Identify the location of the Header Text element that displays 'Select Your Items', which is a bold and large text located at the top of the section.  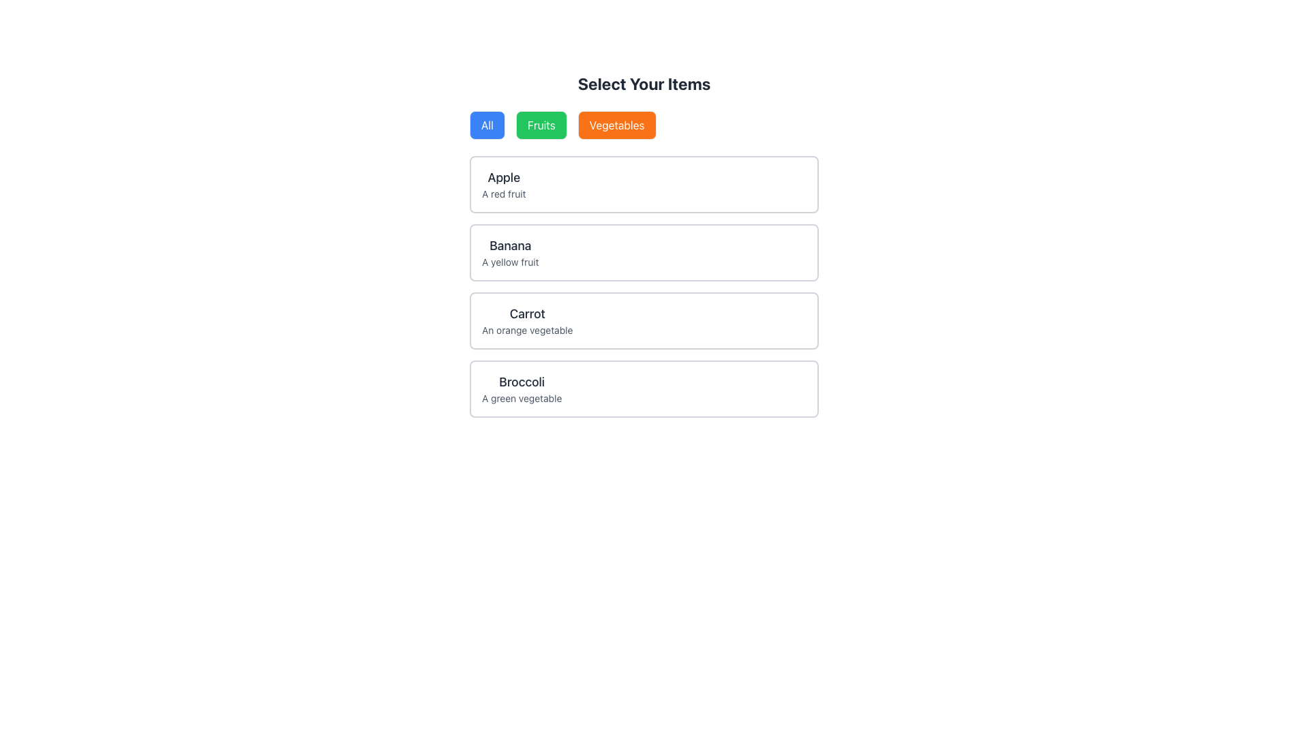
(644, 84).